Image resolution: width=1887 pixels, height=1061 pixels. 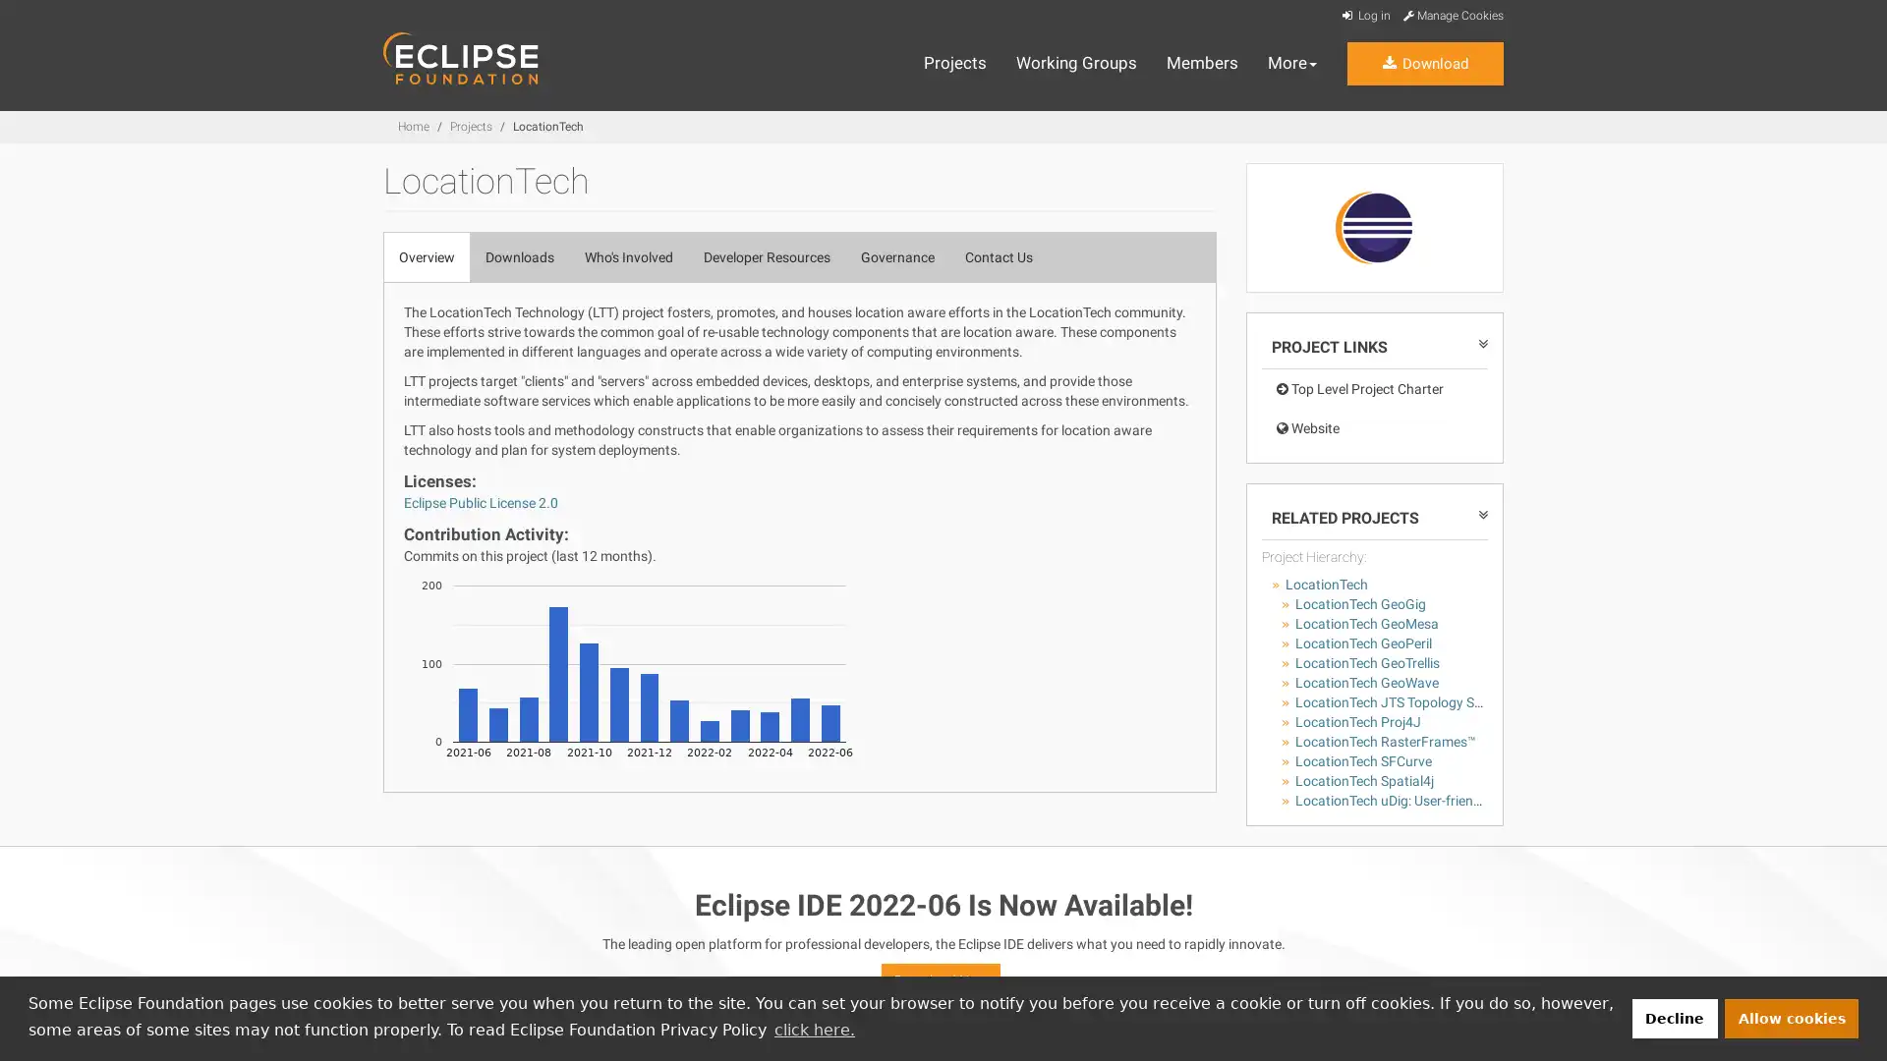 I want to click on allow cookies, so click(x=1792, y=1017).